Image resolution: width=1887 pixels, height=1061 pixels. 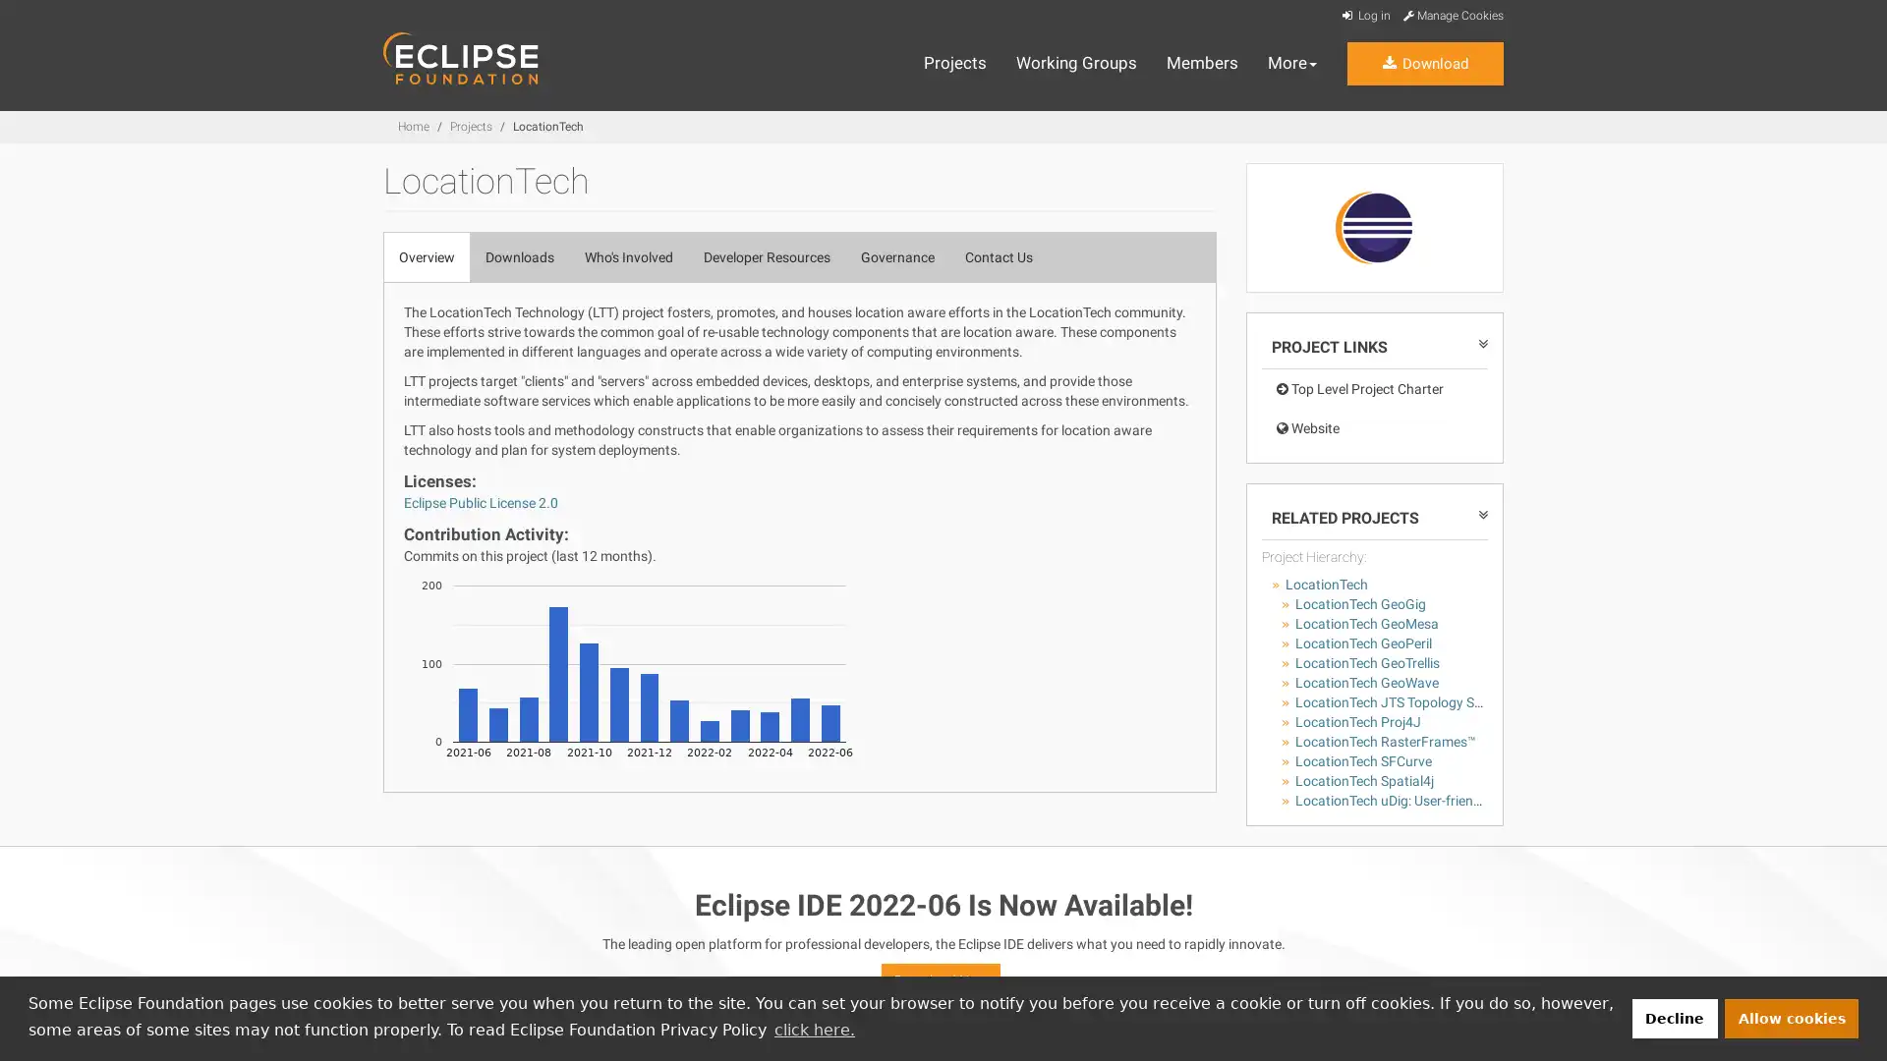 I want to click on allow cookies, so click(x=1792, y=1017).